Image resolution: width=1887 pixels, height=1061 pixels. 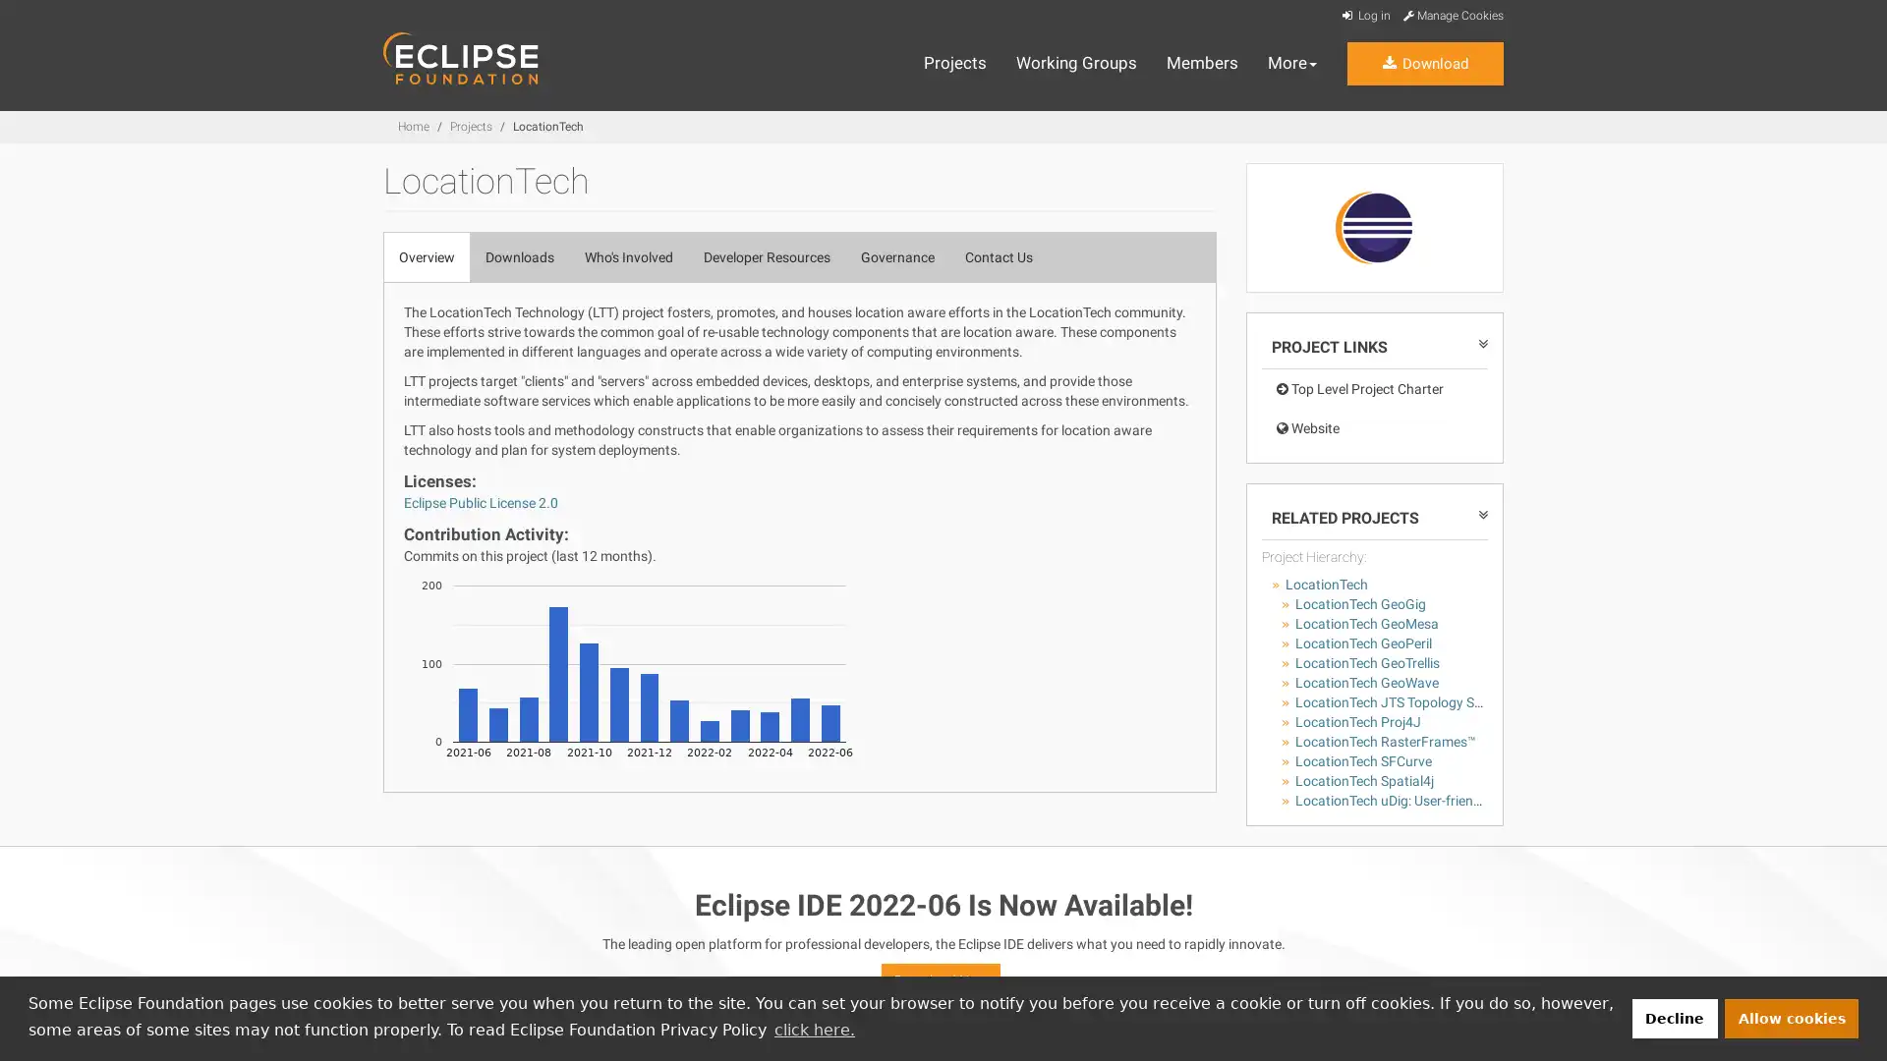 I want to click on allow cookies, so click(x=1792, y=1017).